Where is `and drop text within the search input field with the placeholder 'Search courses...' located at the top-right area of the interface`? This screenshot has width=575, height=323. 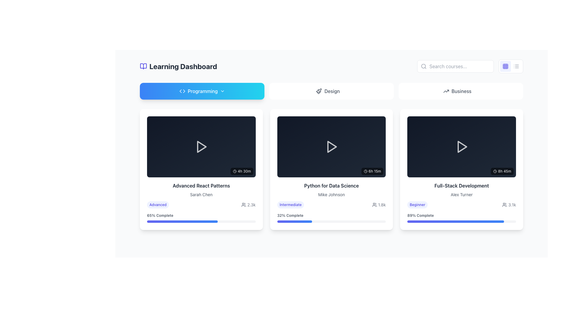
and drop text within the search input field with the placeholder 'Search courses...' located at the top-right area of the interface is located at coordinates (455, 66).